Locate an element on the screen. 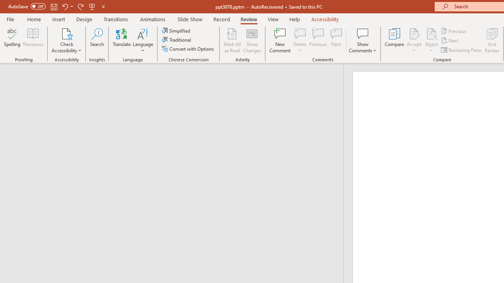 The width and height of the screenshot is (504, 283). 'Reject Change' is located at coordinates (431, 33).